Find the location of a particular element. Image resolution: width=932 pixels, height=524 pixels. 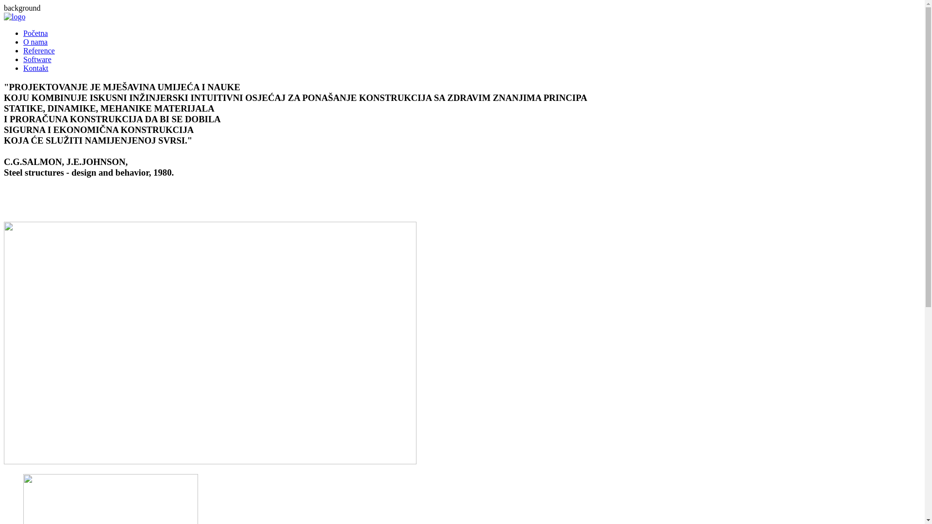

'Reference' is located at coordinates (39, 50).